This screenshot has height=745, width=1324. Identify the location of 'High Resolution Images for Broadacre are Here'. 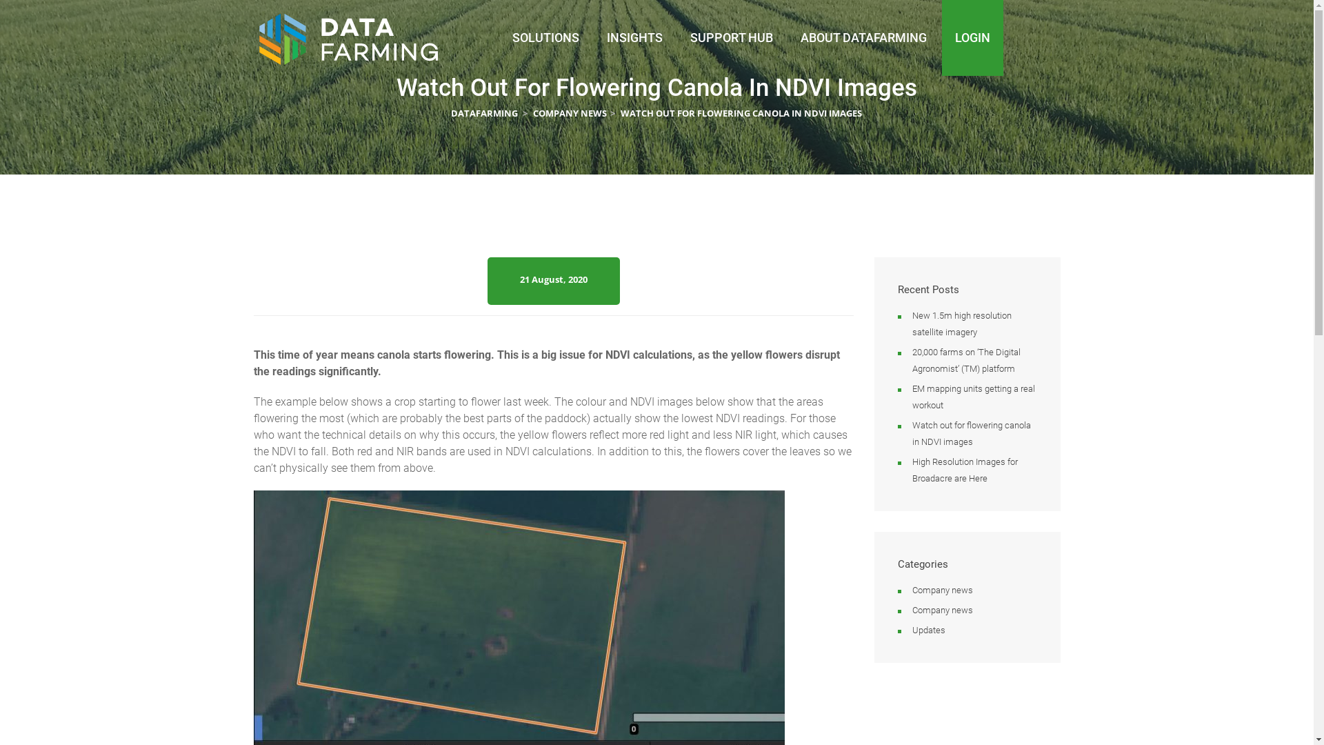
(963, 469).